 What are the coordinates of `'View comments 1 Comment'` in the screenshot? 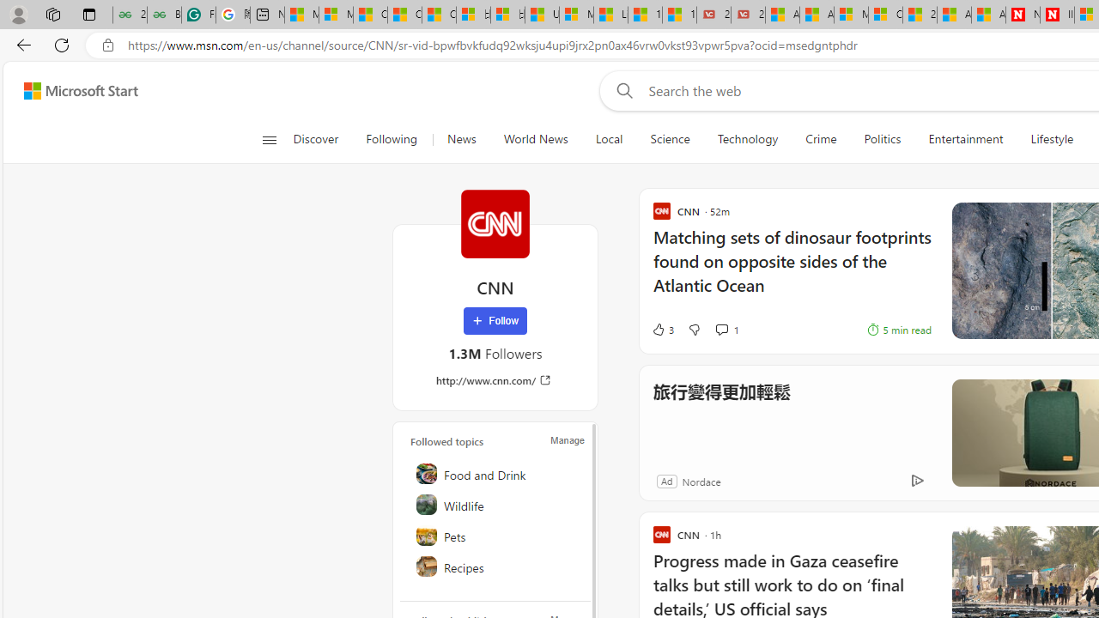 It's located at (726, 330).